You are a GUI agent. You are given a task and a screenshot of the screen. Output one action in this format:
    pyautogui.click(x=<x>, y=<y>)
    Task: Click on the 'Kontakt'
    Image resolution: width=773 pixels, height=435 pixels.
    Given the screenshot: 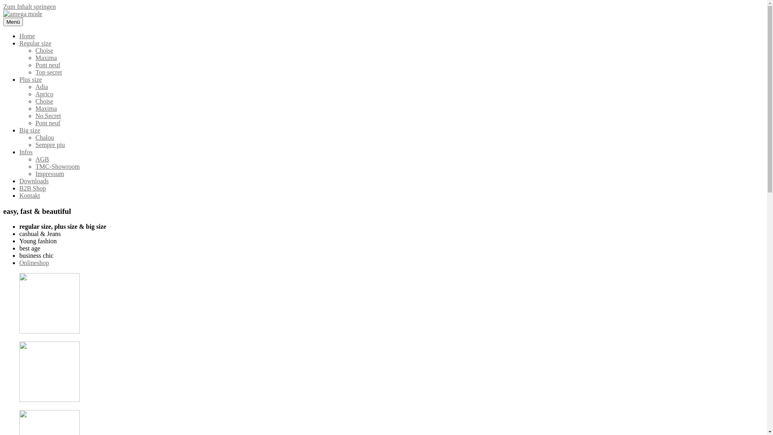 What is the action you would take?
    pyautogui.click(x=19, y=195)
    